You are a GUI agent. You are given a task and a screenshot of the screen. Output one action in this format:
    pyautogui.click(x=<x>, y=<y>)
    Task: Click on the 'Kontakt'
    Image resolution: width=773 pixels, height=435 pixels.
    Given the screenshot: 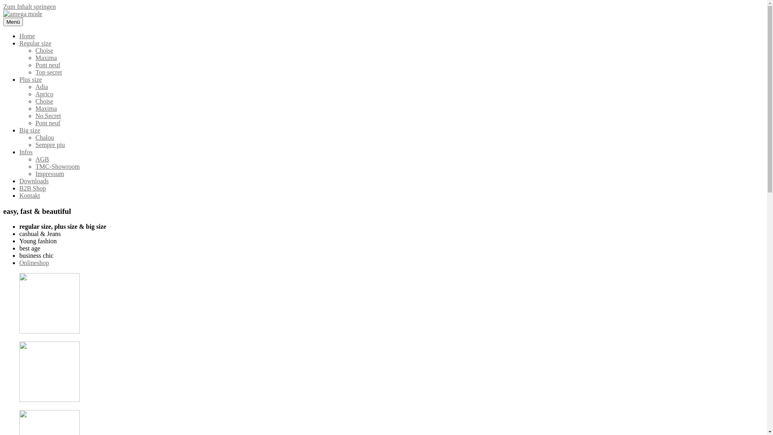 What is the action you would take?
    pyautogui.click(x=19, y=195)
    